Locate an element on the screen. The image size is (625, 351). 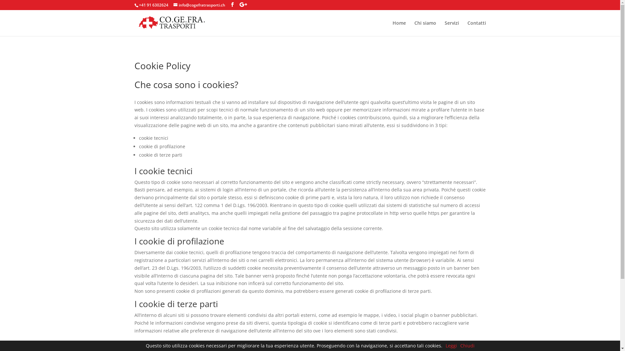
'Chiudi' is located at coordinates (467, 345).